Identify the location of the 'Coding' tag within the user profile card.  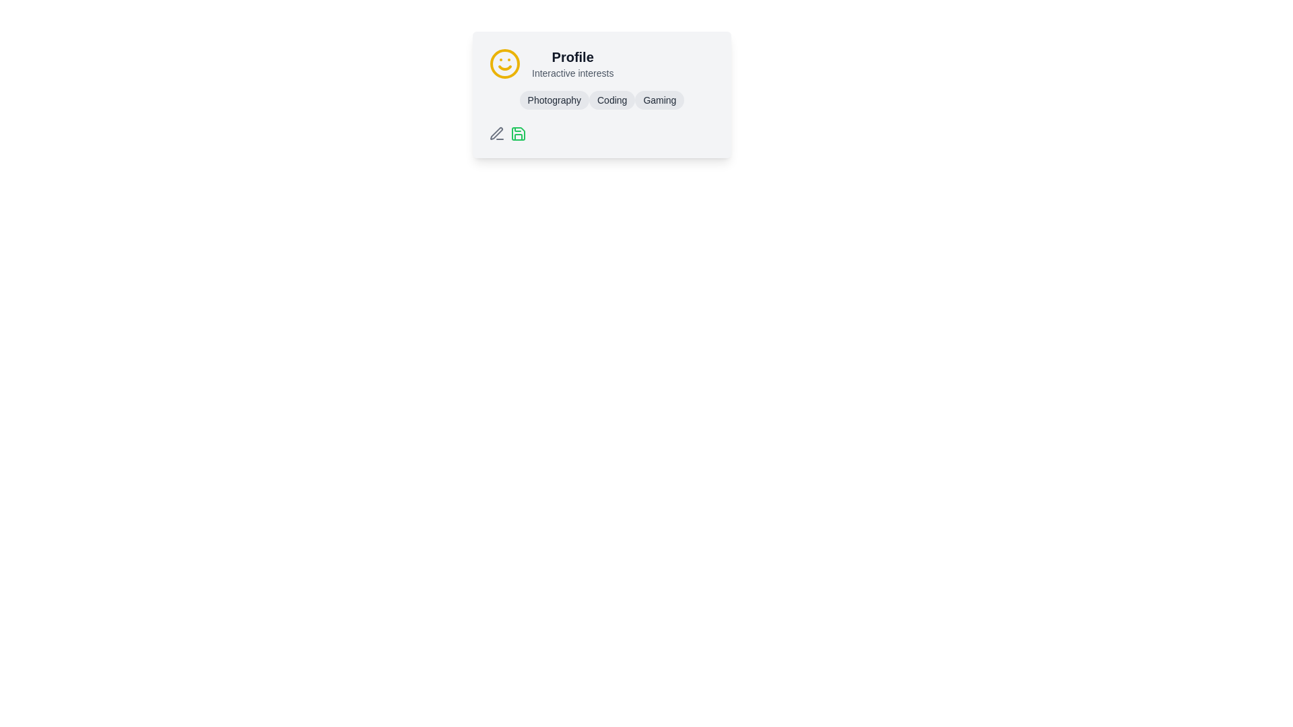
(601, 94).